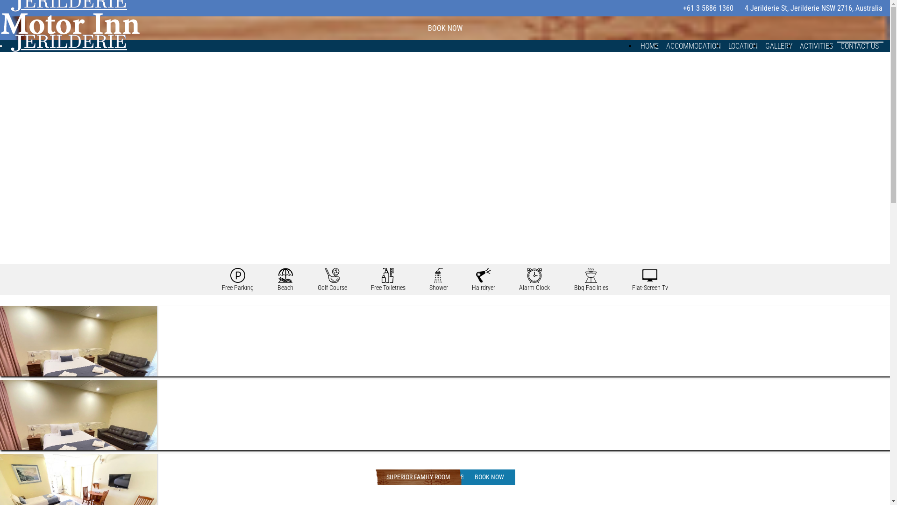 Image resolution: width=897 pixels, height=505 pixels. I want to click on 'BOOK NOW', so click(489, 477).